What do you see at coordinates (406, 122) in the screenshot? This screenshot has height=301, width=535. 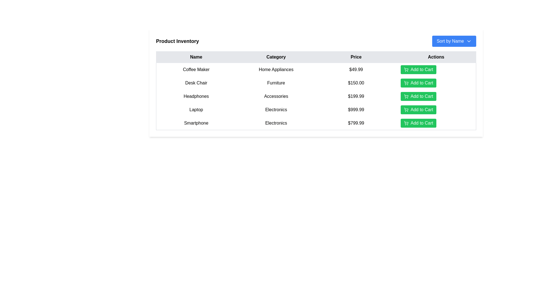 I see `the shopping cart SVG icon located in the last column under the 'Actions' header for the 'Smartphone' item` at bounding box center [406, 122].